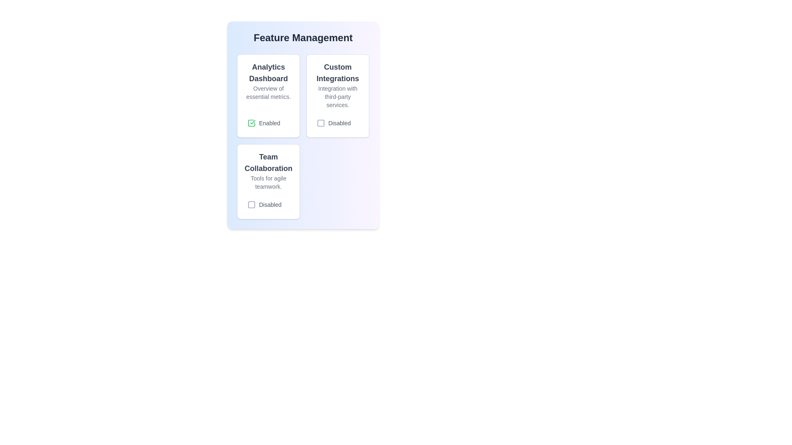  What do you see at coordinates (264, 204) in the screenshot?
I see `the label 'Disabled' of the checkbox located in the bottom section of the 'Team Collaboration' card, which is the last visible element below the text 'Tools for agile teamwork.'` at bounding box center [264, 204].